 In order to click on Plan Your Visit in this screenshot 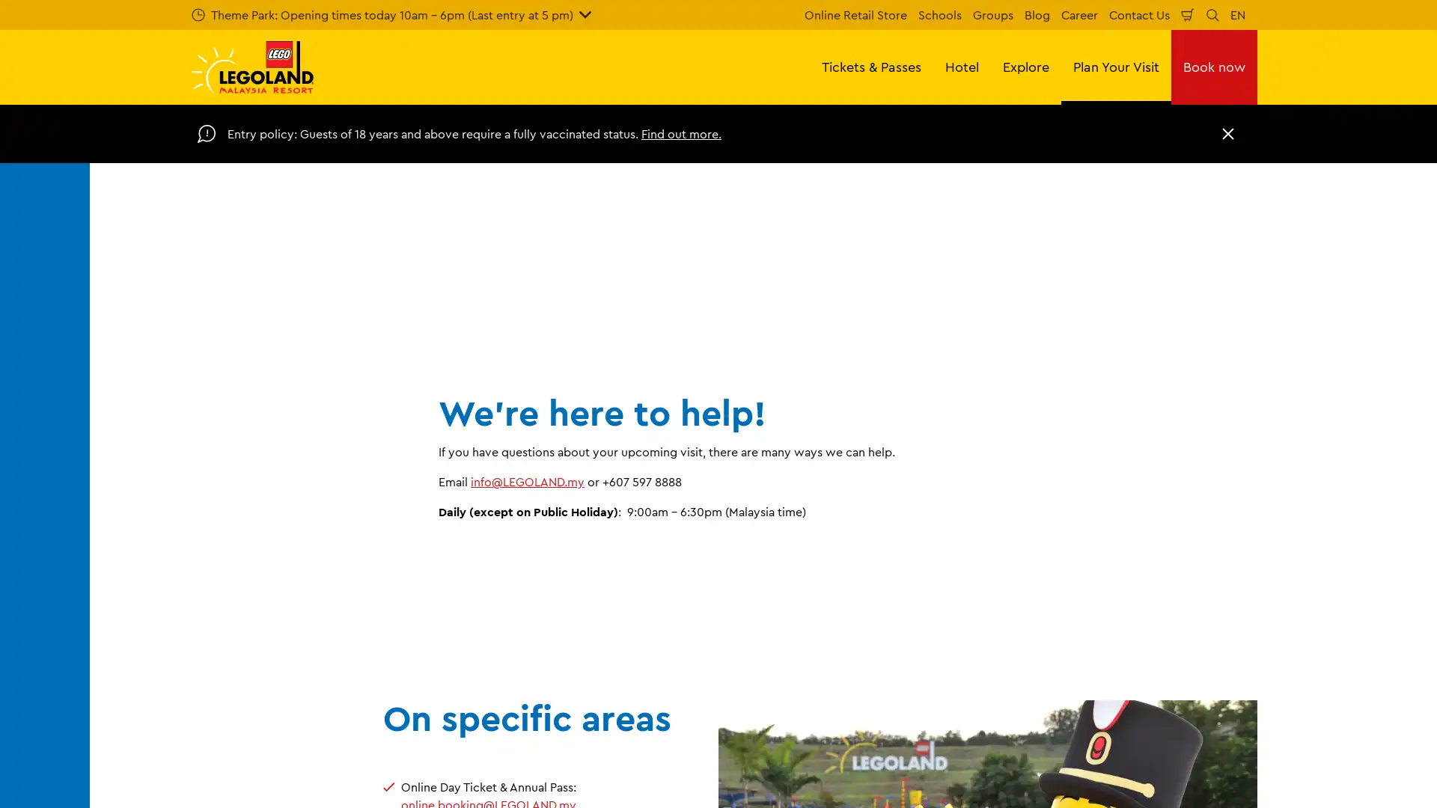, I will do `click(1116, 66)`.